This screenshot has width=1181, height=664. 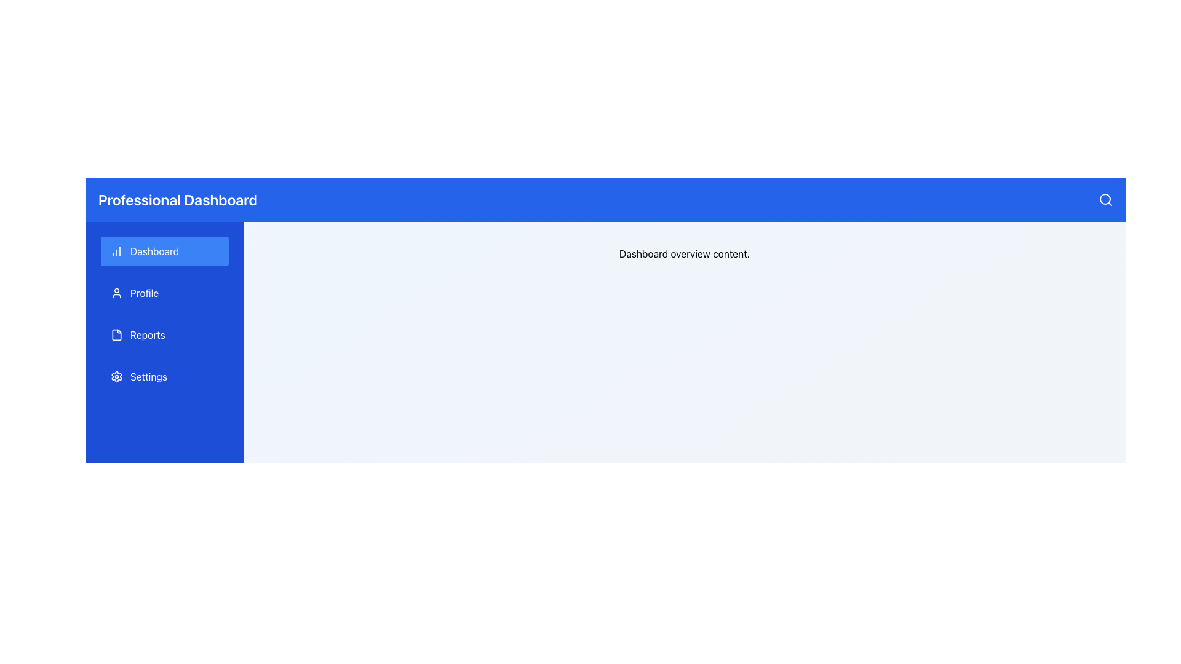 What do you see at coordinates (1106, 199) in the screenshot?
I see `the search icon (magnifying glass) located in the top-right corner of the header bar next to the text 'Professional Dashboard' to initiate a search` at bounding box center [1106, 199].